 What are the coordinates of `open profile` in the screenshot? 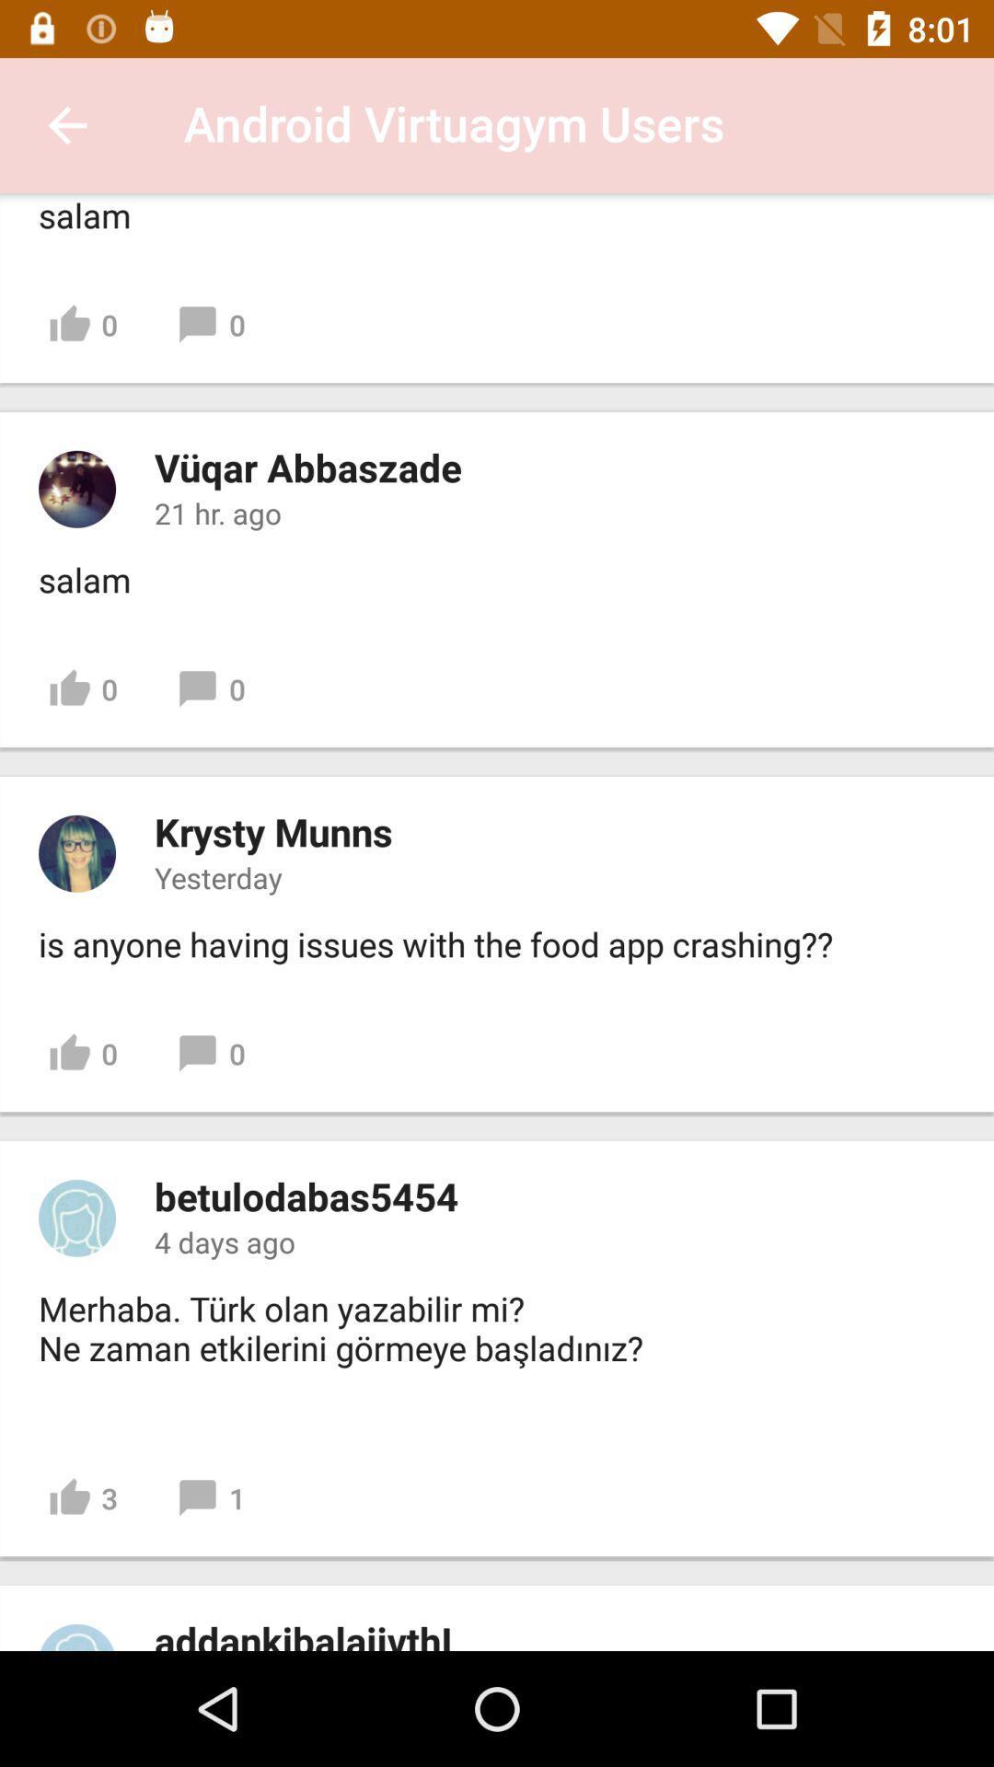 It's located at (76, 1637).